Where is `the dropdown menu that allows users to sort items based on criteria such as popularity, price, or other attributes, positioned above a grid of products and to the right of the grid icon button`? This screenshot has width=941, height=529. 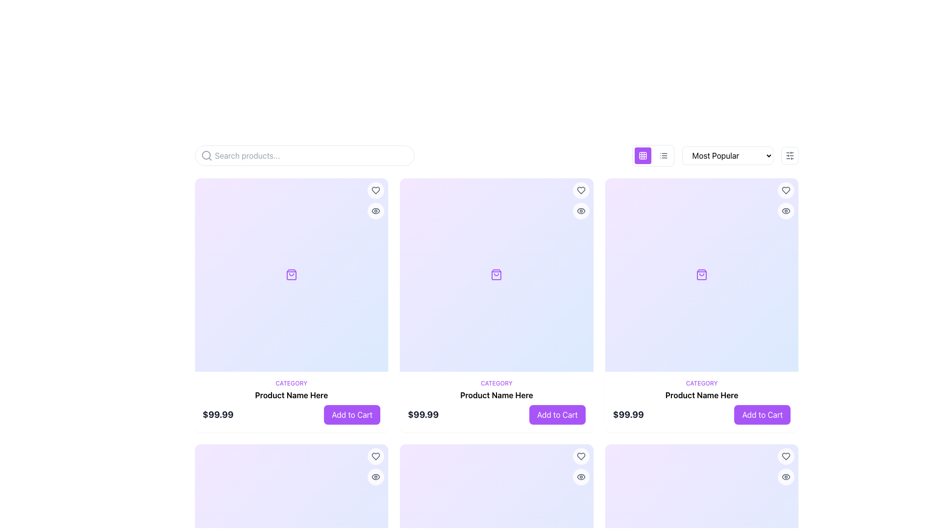 the dropdown menu that allows users to sort items based on criteria such as popularity, price, or other attributes, positioned above a grid of products and to the right of the grid icon button is located at coordinates (727, 155).